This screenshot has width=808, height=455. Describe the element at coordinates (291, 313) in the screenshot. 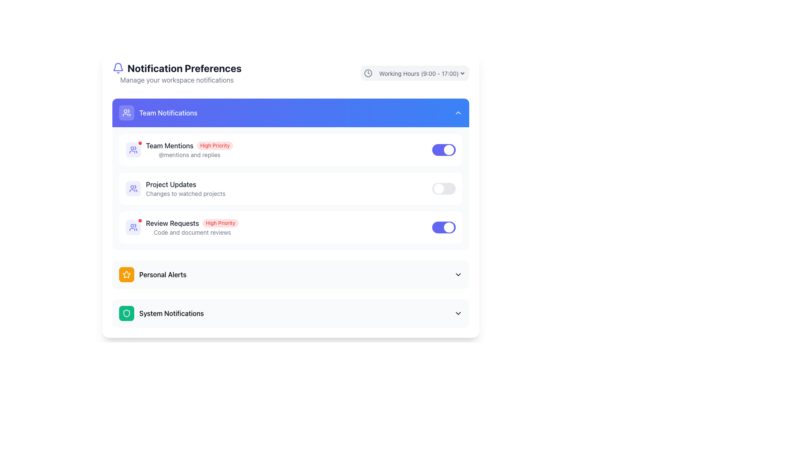

I see `the 'System Notifications' interactive list item` at that location.